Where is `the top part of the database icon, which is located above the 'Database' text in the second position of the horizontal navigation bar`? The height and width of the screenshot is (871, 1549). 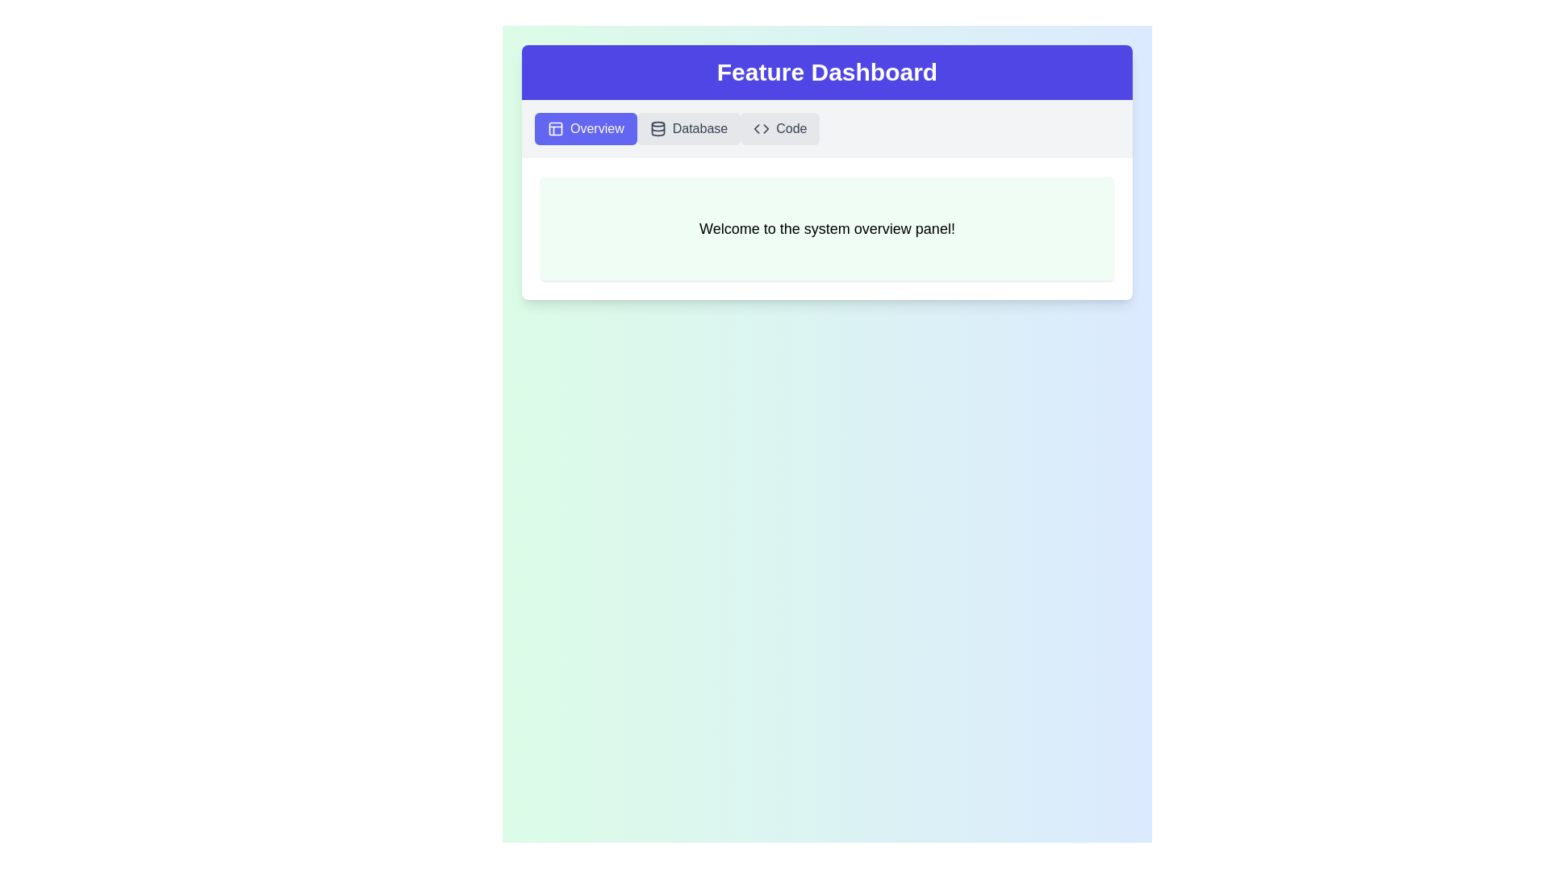
the top part of the database icon, which is located above the 'Database' text in the second position of the horizontal navigation bar is located at coordinates (658, 123).